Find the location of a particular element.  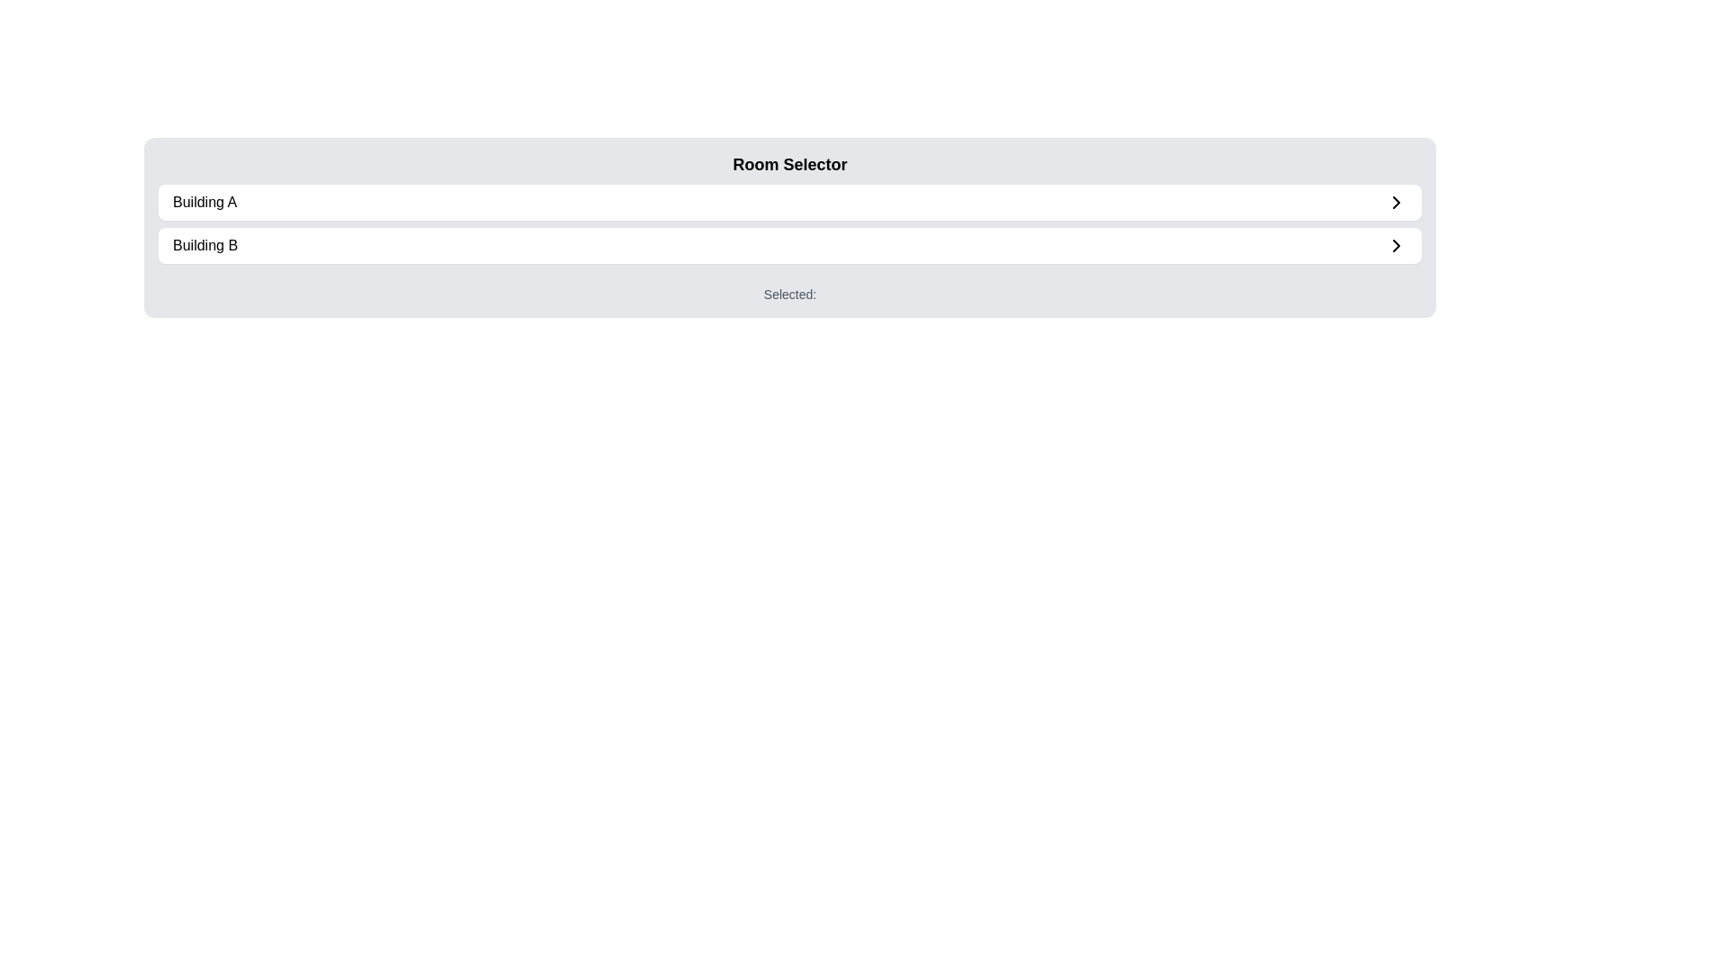

the Text Label displaying the floor and room designation located under the 'Building B' section is located at coordinates (790, 287).